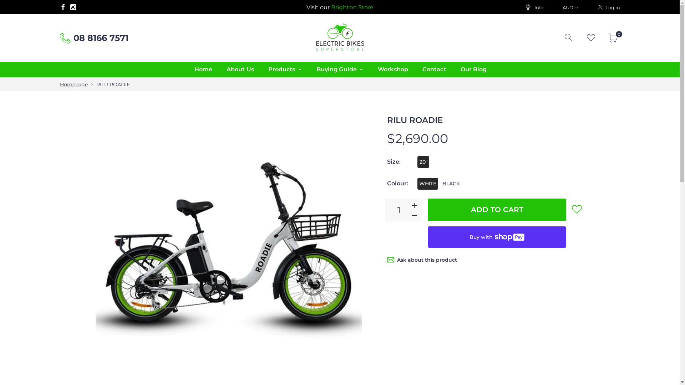  Describe the element at coordinates (203, 70) in the screenshot. I see `'Home'` at that location.